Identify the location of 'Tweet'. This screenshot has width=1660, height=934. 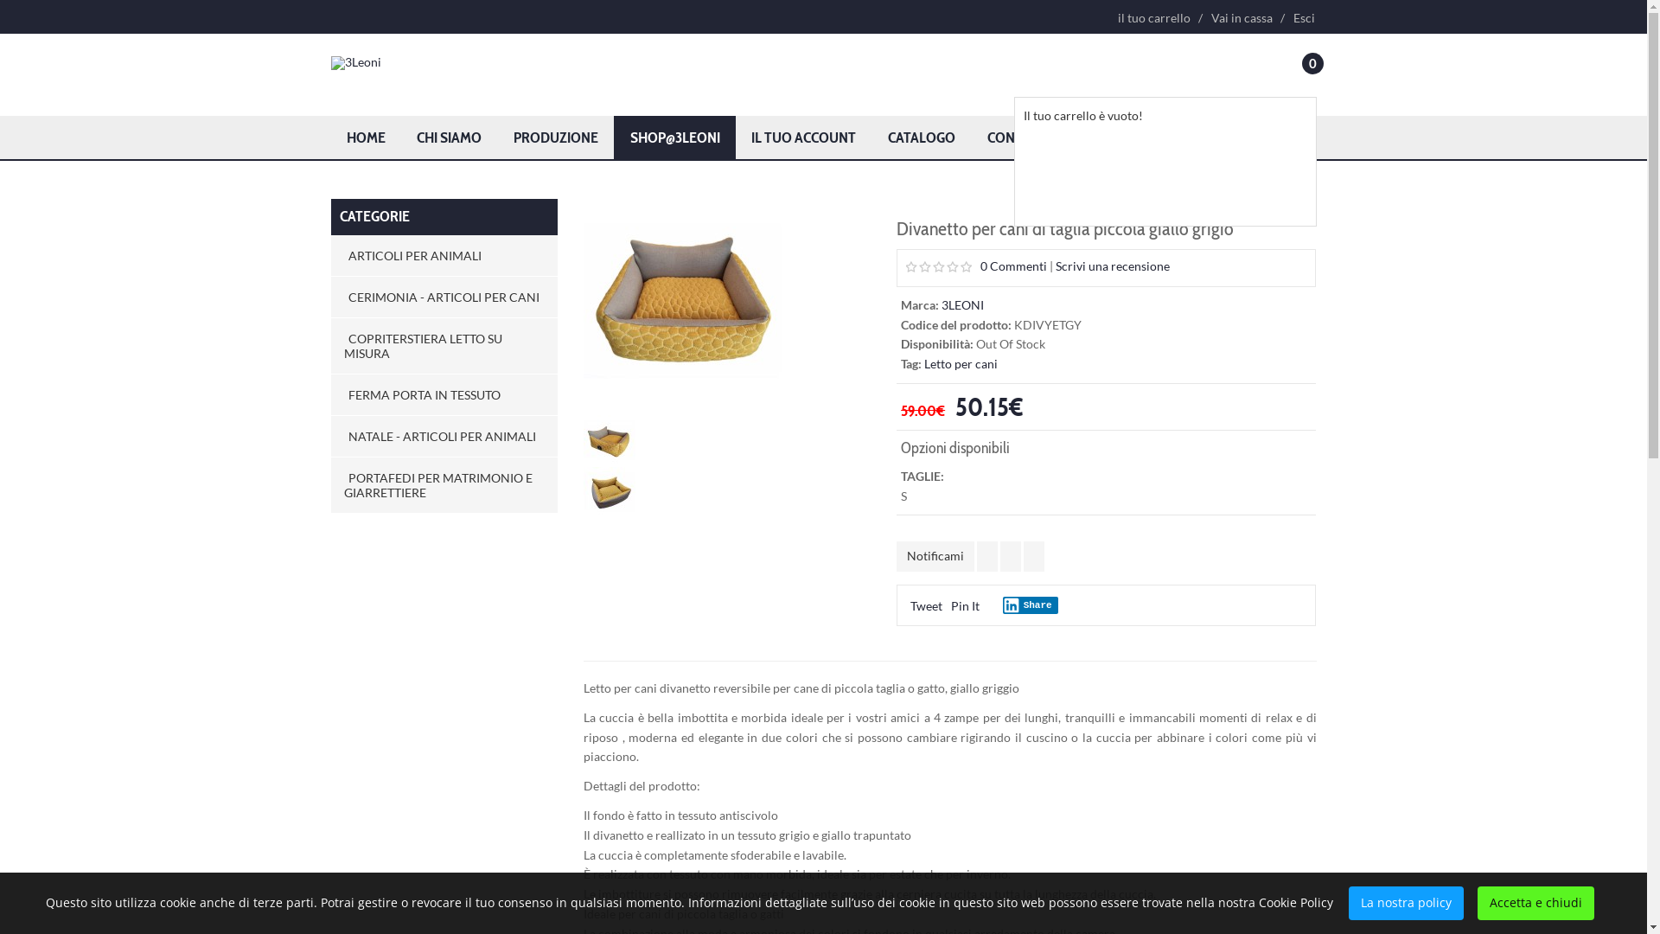
(909, 605).